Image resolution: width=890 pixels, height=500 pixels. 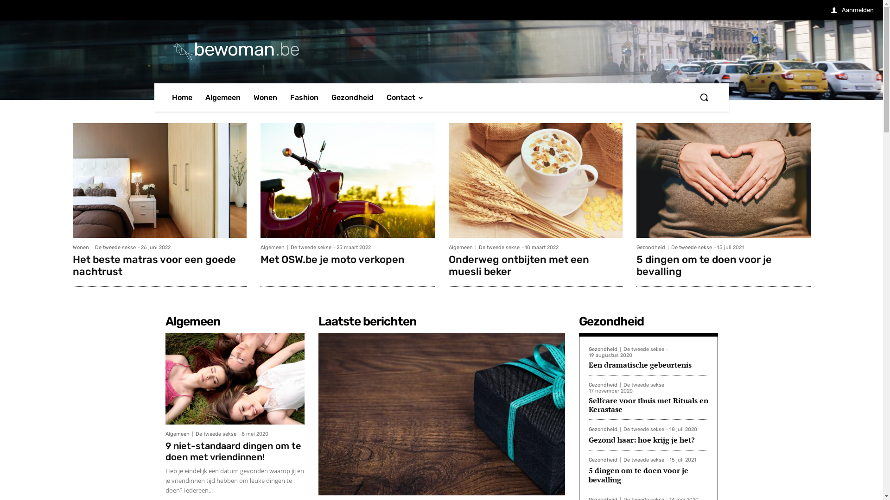 What do you see at coordinates (332, 259) in the screenshot?
I see `'Met OSW.be je moto verkopen'` at bounding box center [332, 259].